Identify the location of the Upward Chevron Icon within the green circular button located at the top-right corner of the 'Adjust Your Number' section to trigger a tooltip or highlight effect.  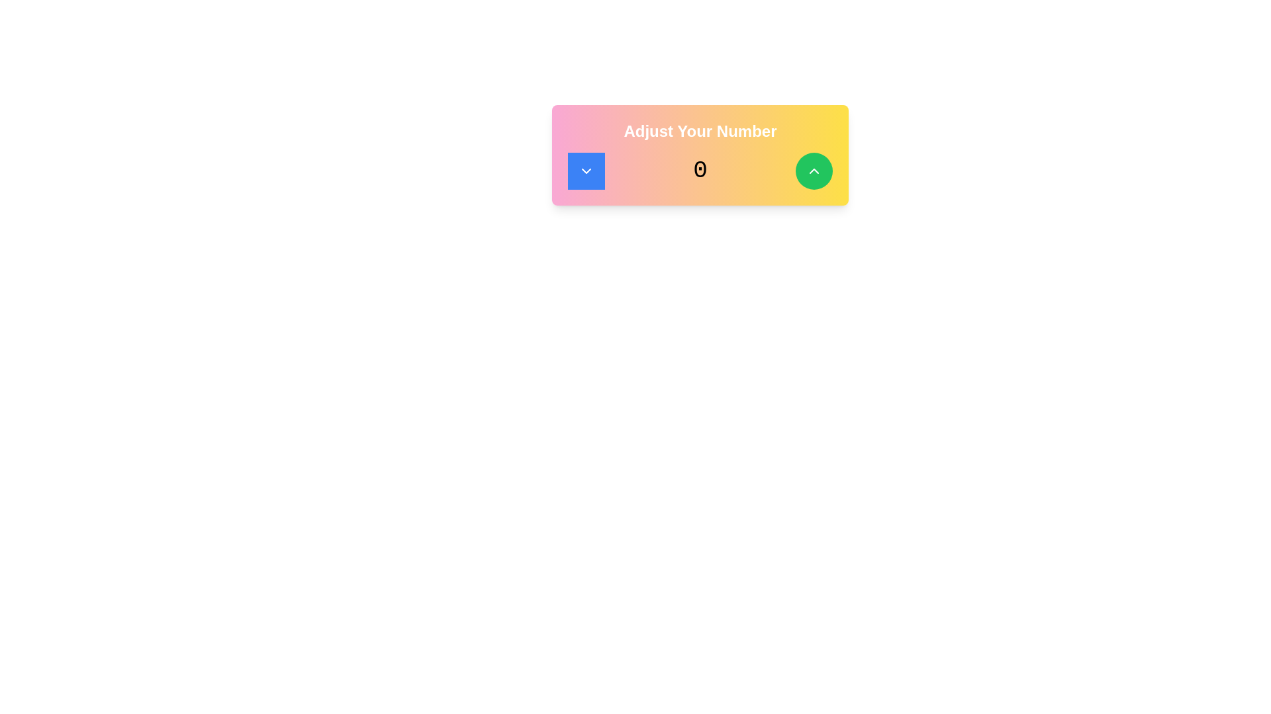
(813, 170).